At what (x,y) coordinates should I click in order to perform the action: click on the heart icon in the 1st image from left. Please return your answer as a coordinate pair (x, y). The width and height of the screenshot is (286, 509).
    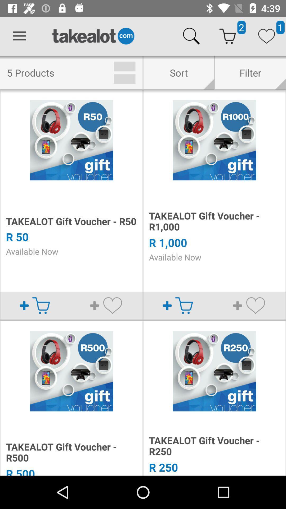
    Looking at the image, I should click on (112, 305).